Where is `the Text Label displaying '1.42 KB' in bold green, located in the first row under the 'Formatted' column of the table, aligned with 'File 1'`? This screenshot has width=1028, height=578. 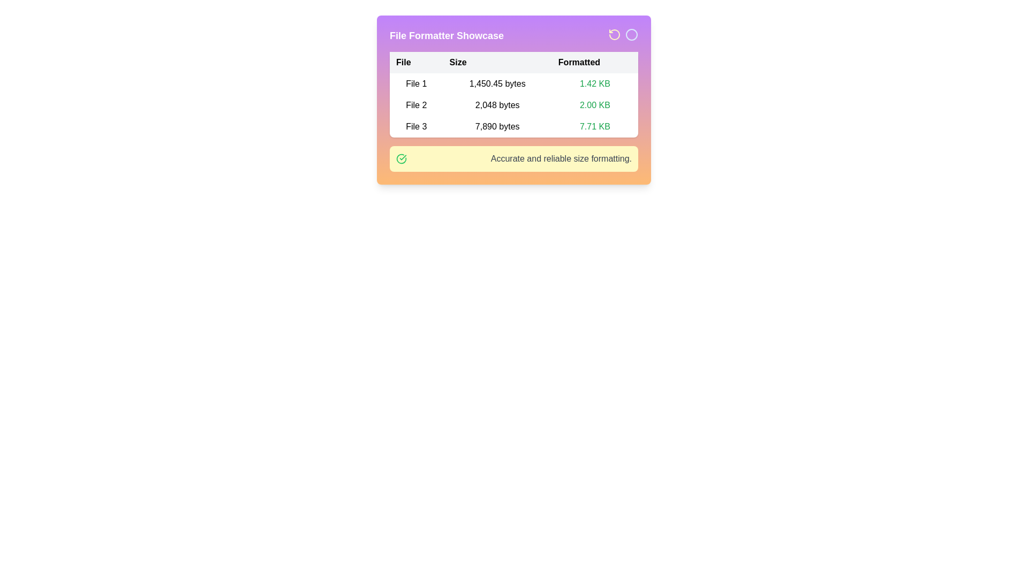 the Text Label displaying '1.42 KB' in bold green, located in the first row under the 'Formatted' column of the table, aligned with 'File 1' is located at coordinates (594, 83).